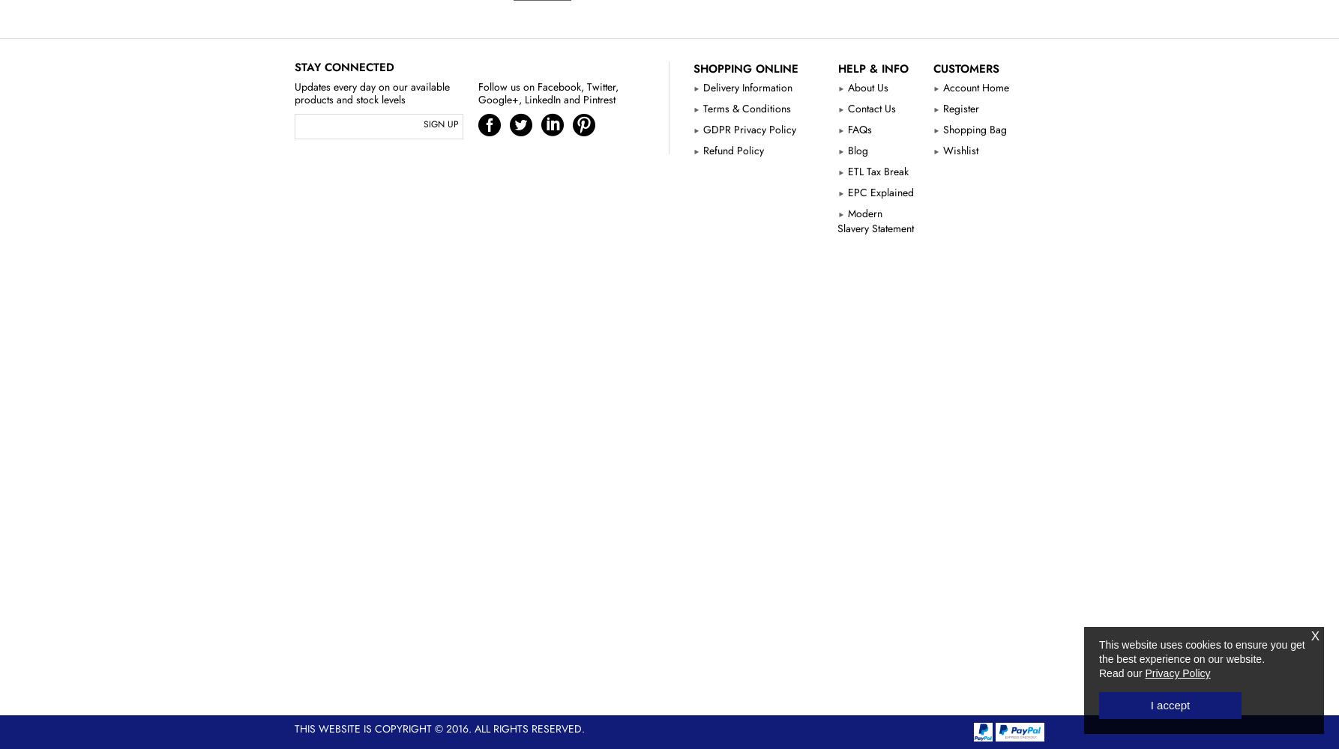 This screenshot has width=1339, height=749. I want to click on 'EPC Explained', so click(877, 192).